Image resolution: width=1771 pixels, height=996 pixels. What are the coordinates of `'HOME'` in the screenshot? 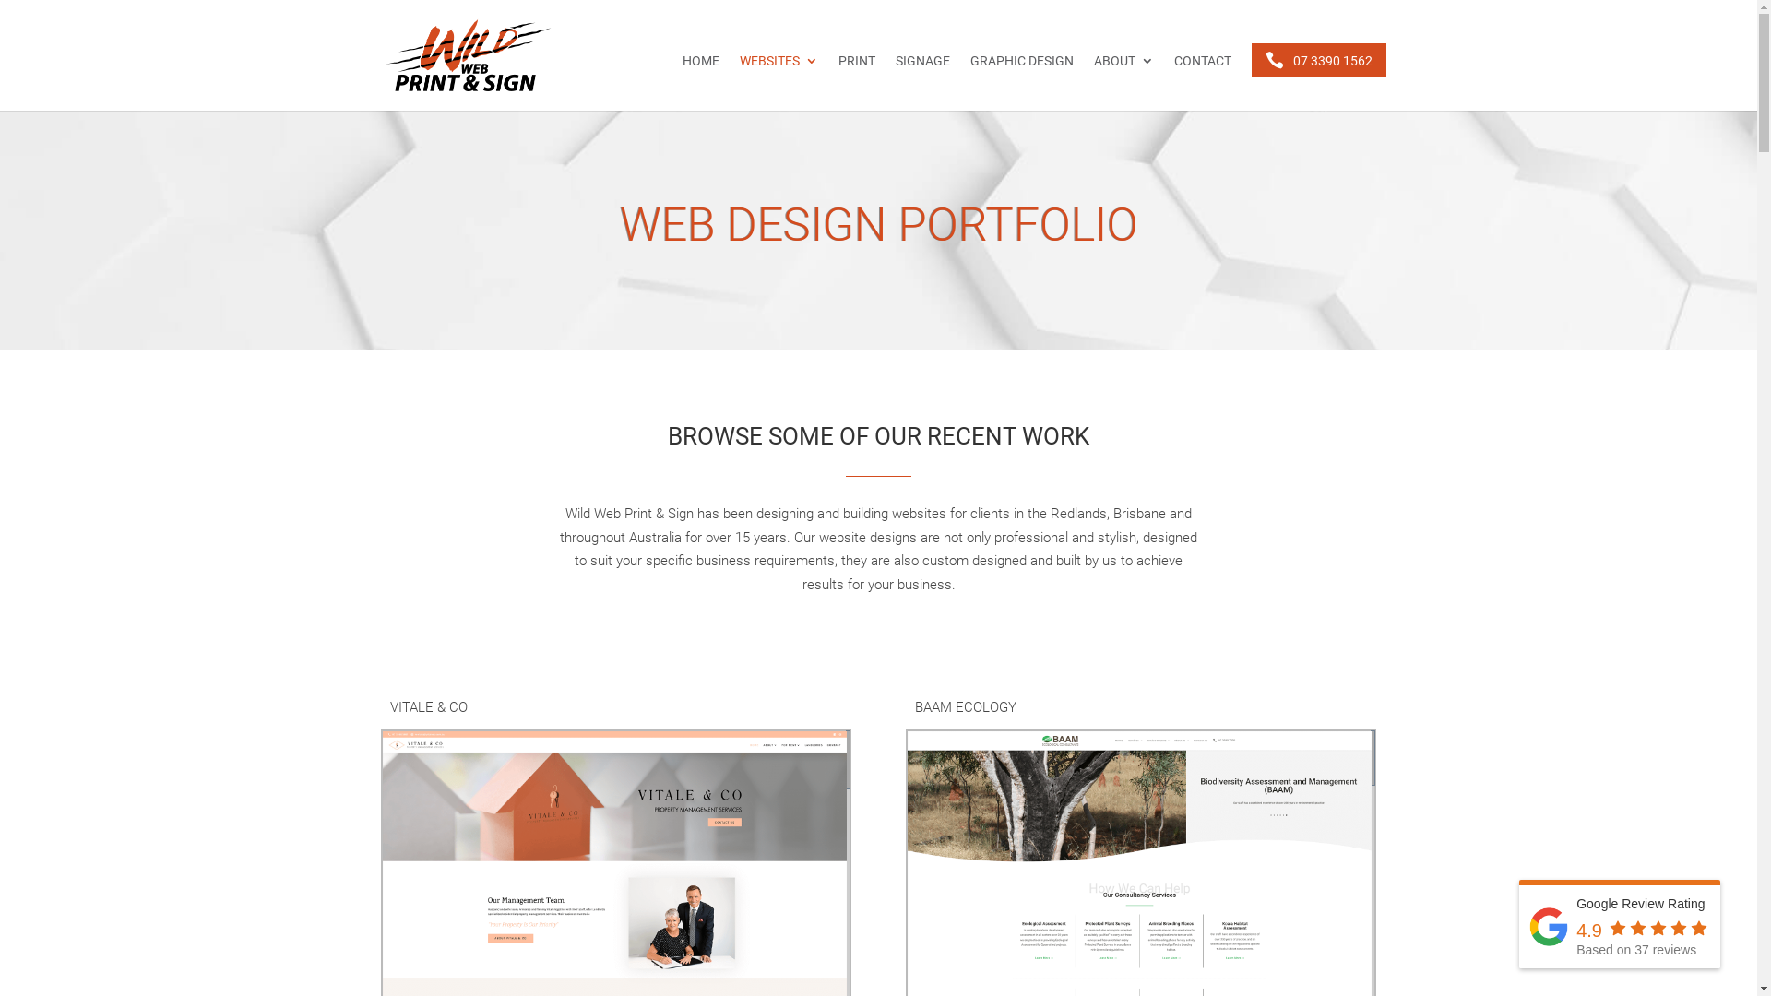 It's located at (699, 81).